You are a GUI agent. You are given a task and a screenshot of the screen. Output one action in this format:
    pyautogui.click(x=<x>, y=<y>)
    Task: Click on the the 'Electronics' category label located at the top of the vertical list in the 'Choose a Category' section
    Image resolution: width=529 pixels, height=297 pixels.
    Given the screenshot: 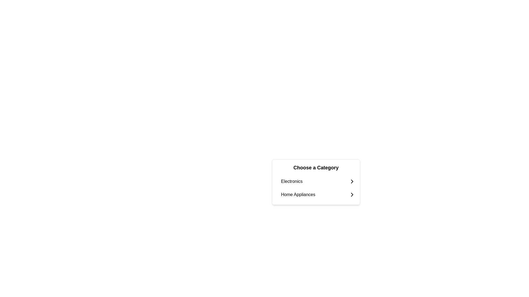 What is the action you would take?
    pyautogui.click(x=292, y=181)
    